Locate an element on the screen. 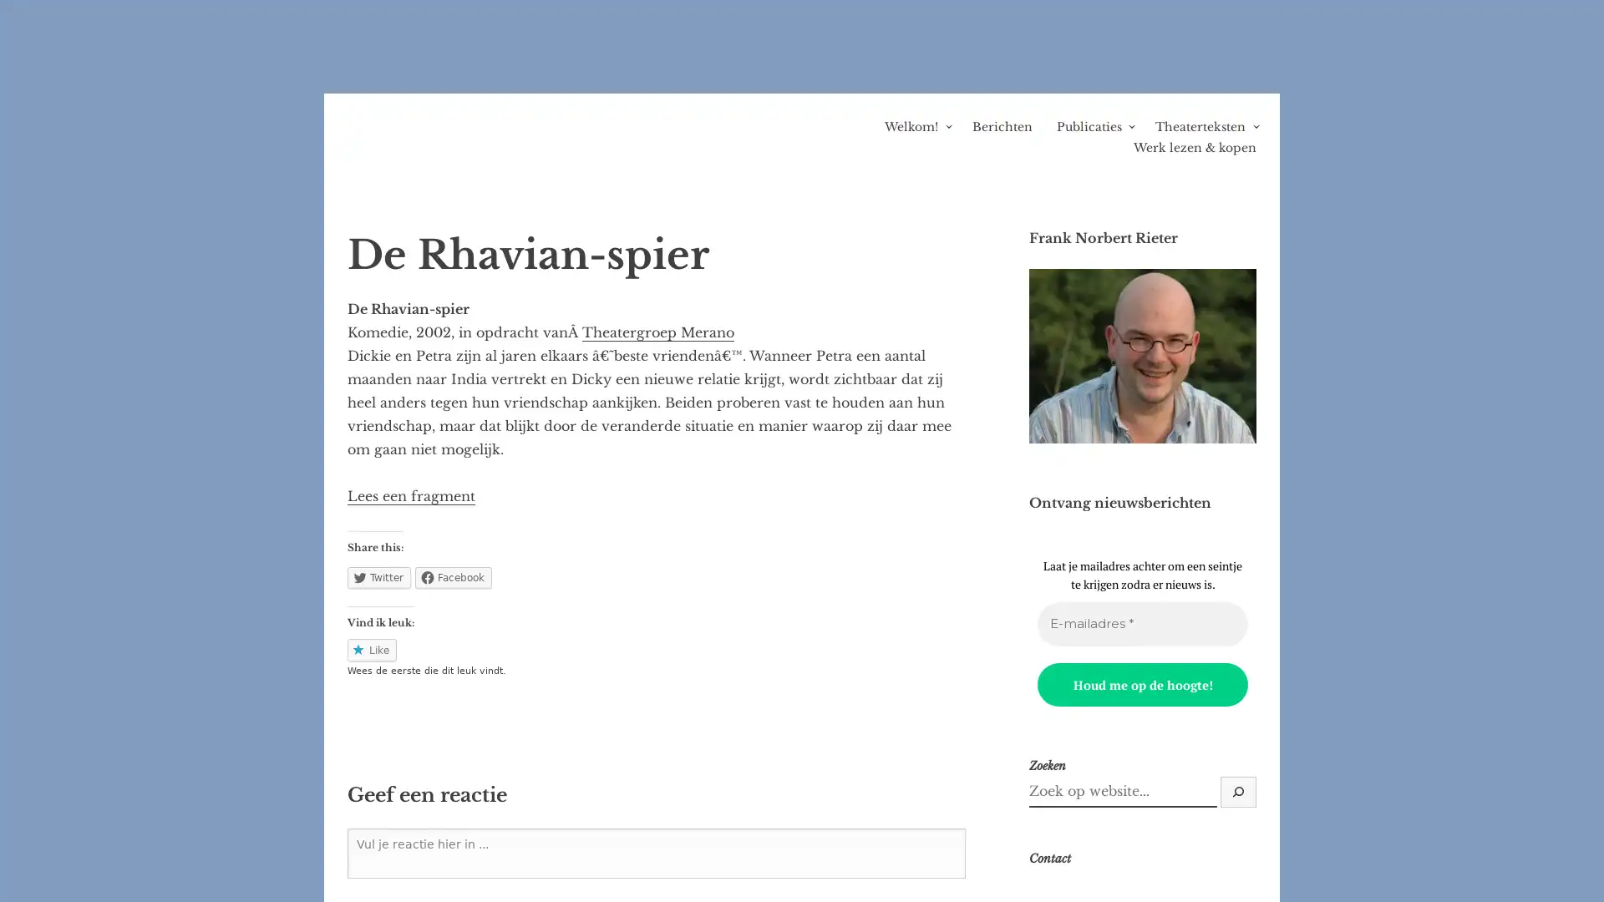 The height and width of the screenshot is (902, 1604). Houd me op de hoogte! is located at coordinates (1142, 684).